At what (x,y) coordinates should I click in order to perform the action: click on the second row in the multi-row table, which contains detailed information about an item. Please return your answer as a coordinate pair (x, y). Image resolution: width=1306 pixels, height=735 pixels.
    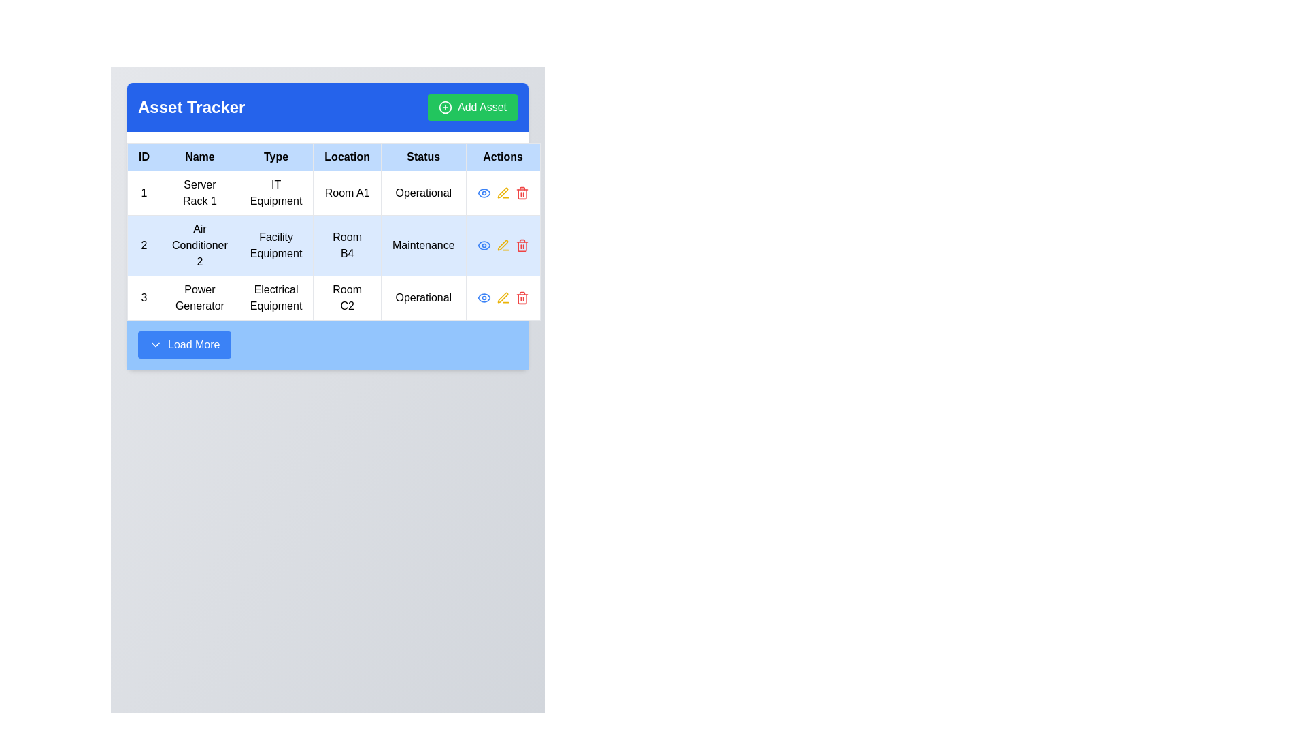
    Looking at the image, I should click on (333, 246).